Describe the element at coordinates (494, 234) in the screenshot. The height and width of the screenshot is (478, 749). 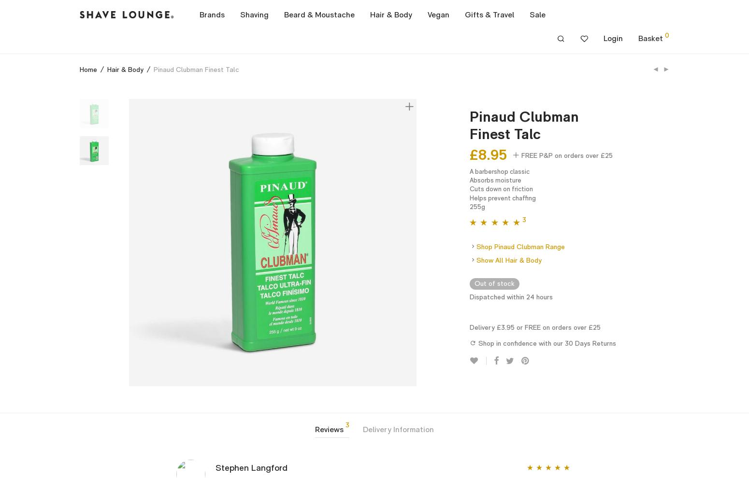
I see `'5.00'` at that location.